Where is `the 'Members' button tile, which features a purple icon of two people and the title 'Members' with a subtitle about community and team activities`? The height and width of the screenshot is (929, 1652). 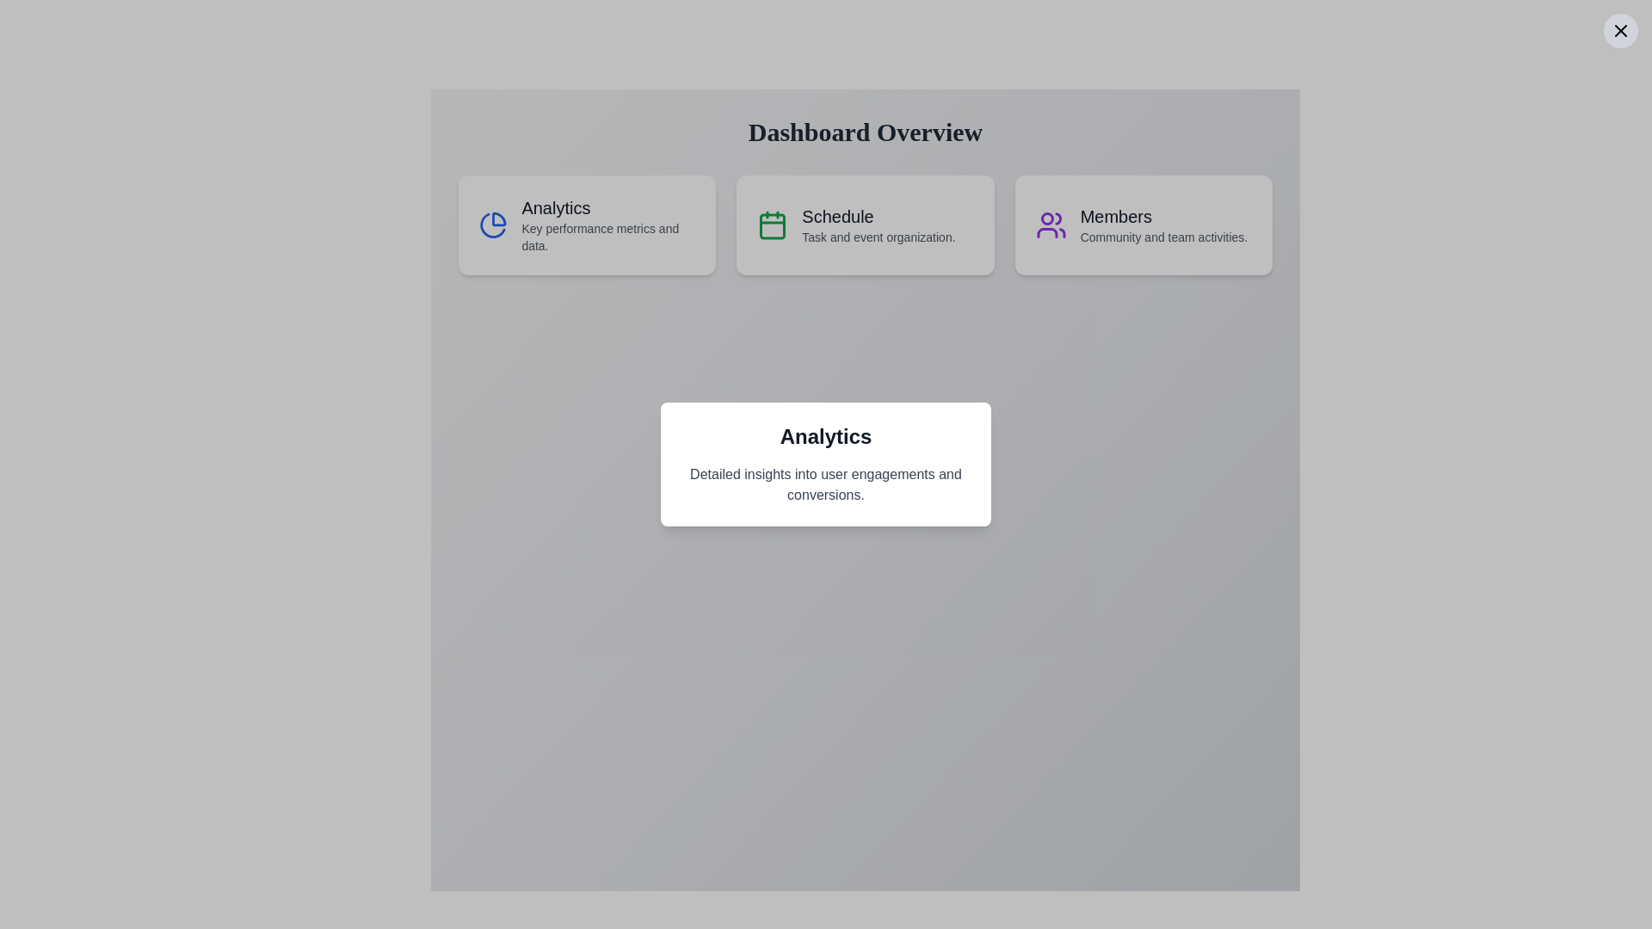
the 'Members' button tile, which features a purple icon of two people and the title 'Members' with a subtitle about community and team activities is located at coordinates (1143, 225).